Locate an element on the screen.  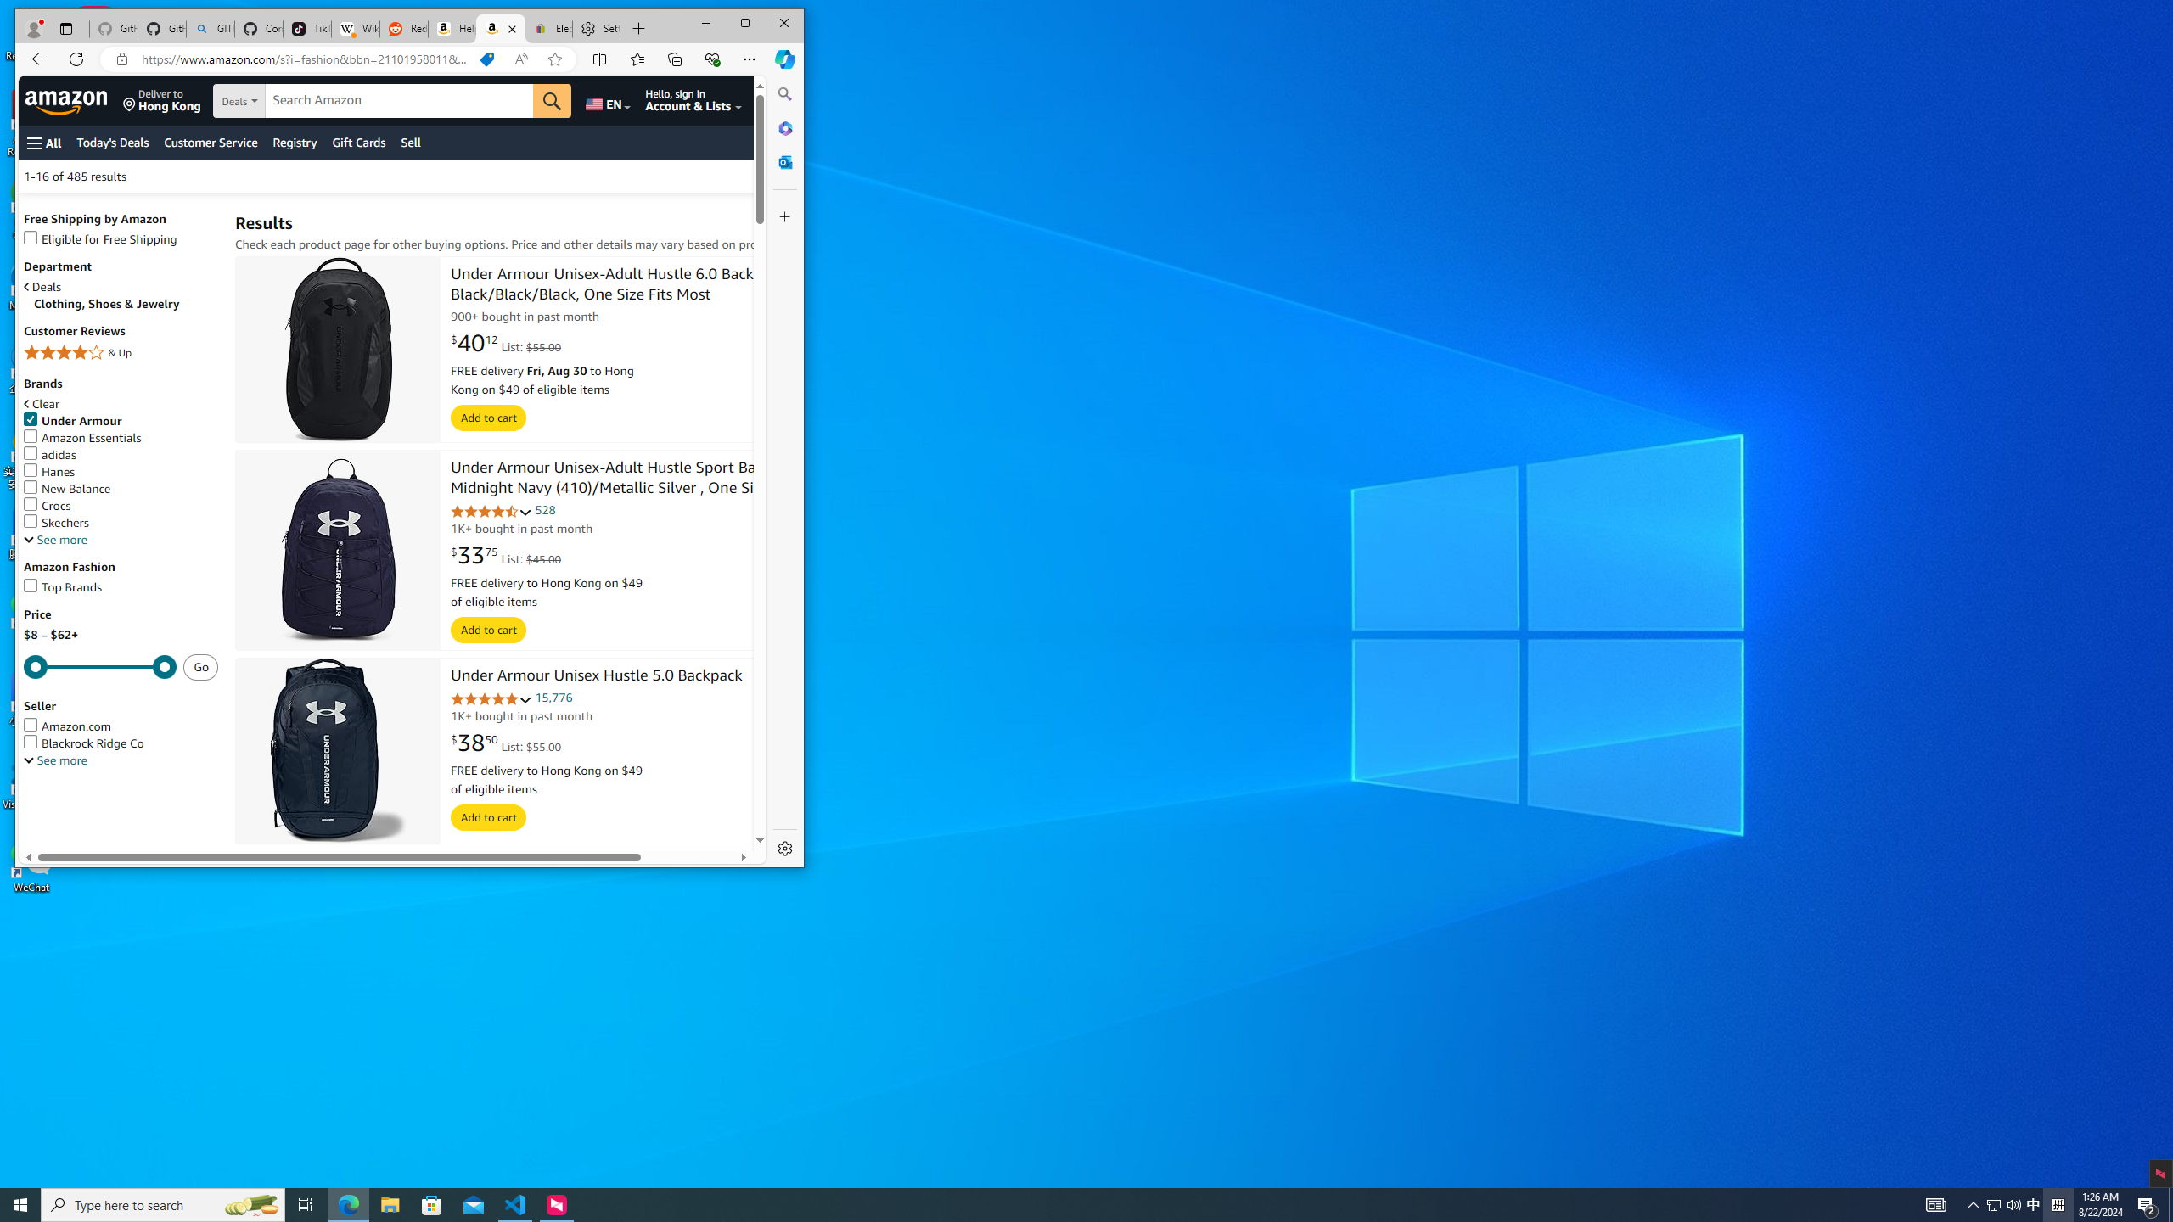
'Under Armour' is located at coordinates (72, 420).